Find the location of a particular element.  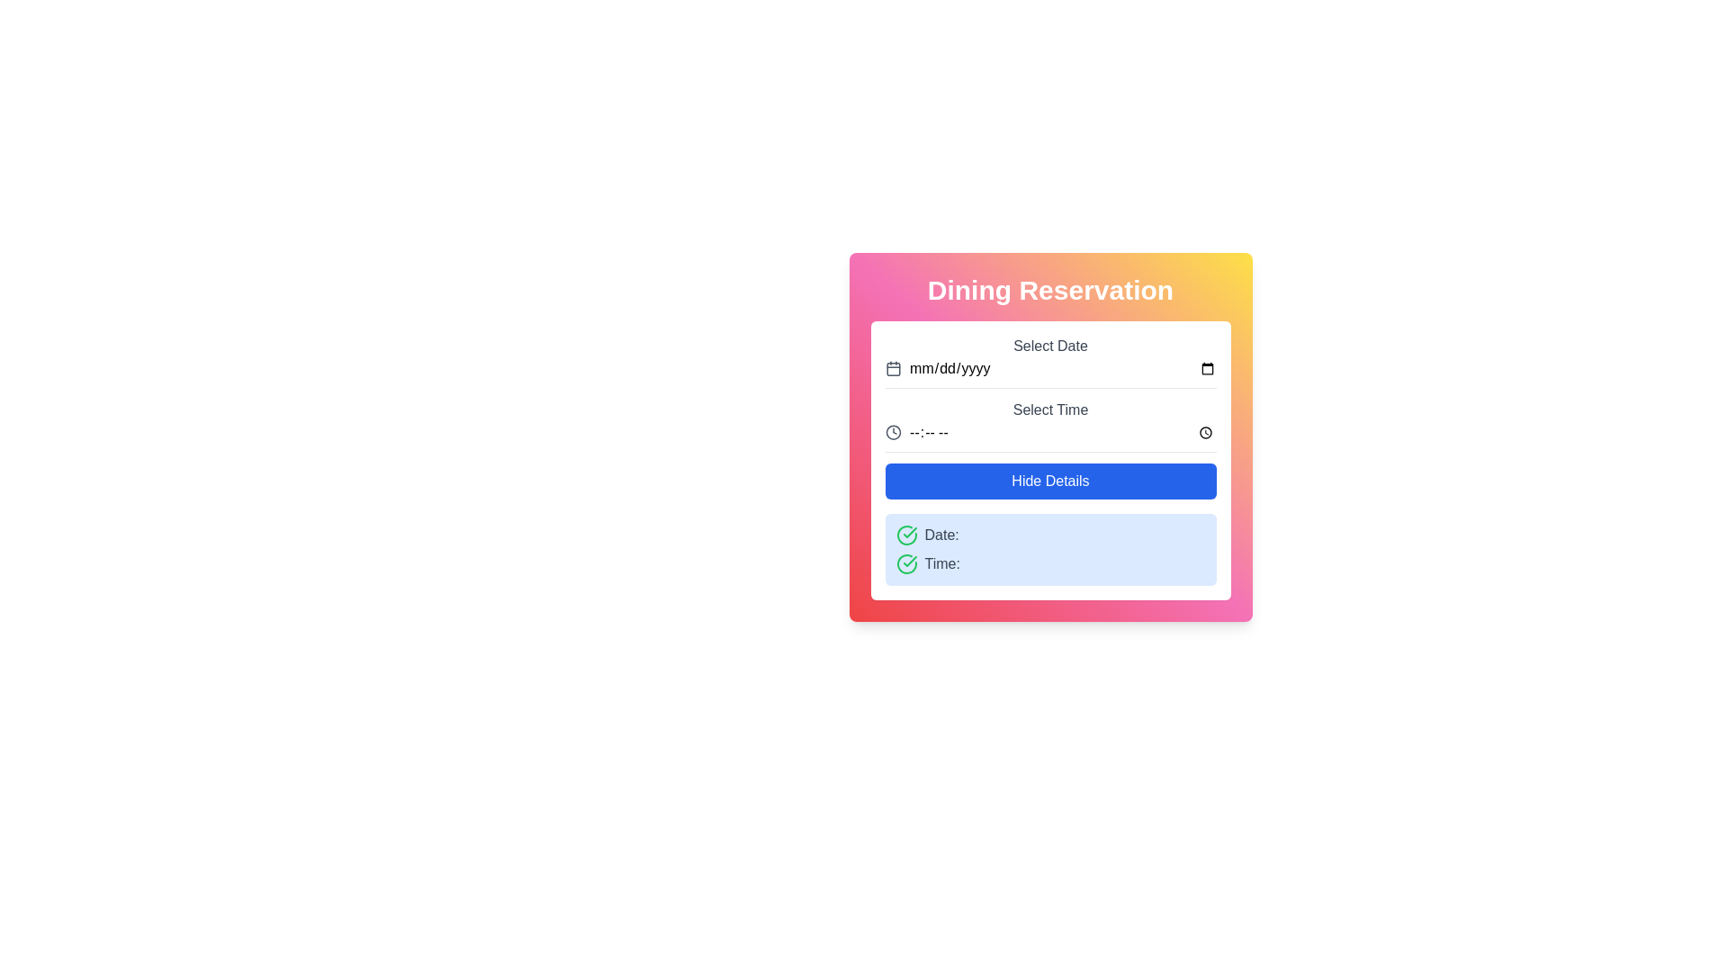

the input field associated with the 'Select Time' label located in the 'Dining Reservation' section by clicking on it is located at coordinates (1050, 409).